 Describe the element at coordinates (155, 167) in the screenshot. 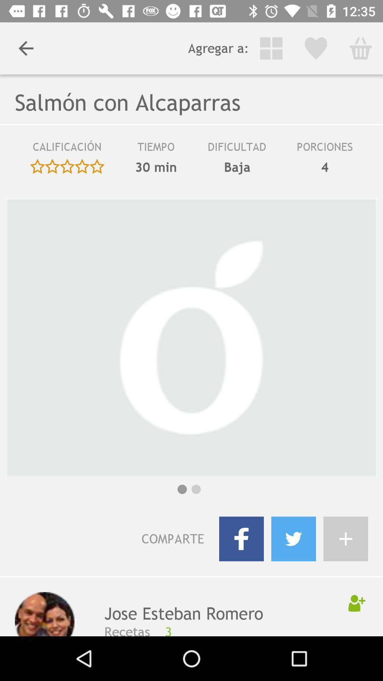

I see `icon next to dificultad item` at that location.